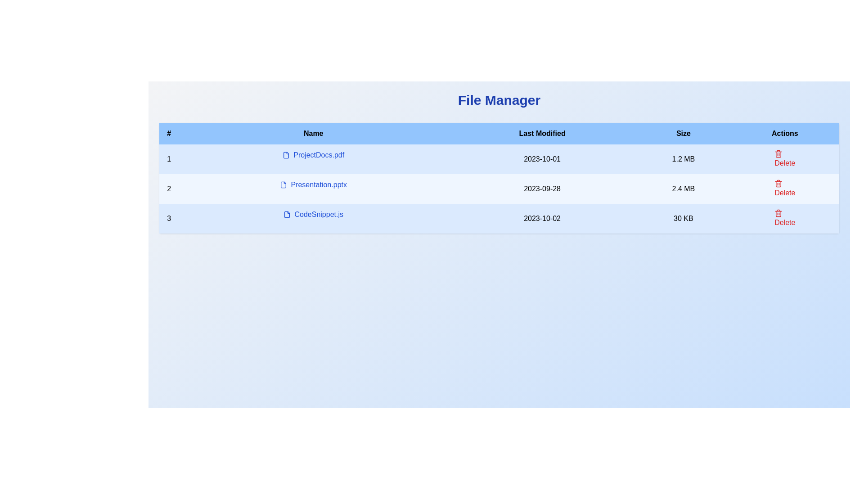  Describe the element at coordinates (286, 154) in the screenshot. I see `the document icon located in the first row of the table, adjacent to the 'ProjectDocs.pdf' label` at that location.